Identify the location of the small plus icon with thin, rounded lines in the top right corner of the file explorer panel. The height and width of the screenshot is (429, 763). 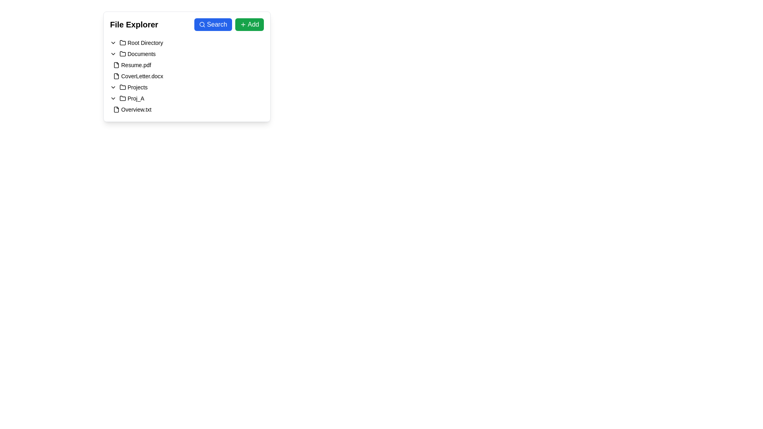
(242, 24).